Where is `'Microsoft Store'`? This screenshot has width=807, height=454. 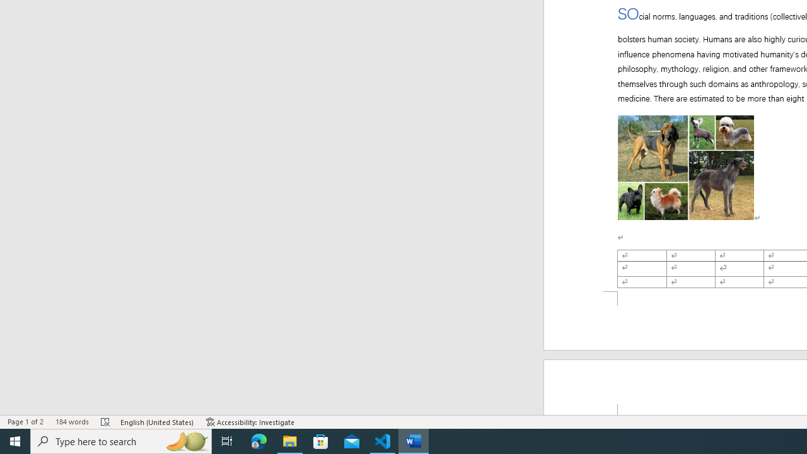
'Microsoft Store' is located at coordinates (321, 440).